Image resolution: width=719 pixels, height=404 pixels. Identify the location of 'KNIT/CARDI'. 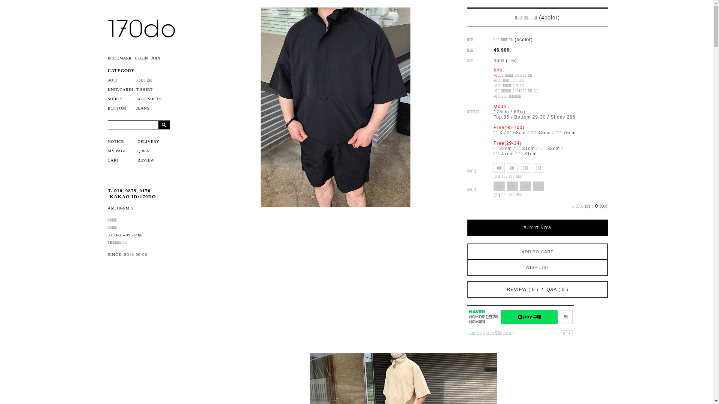
(121, 89).